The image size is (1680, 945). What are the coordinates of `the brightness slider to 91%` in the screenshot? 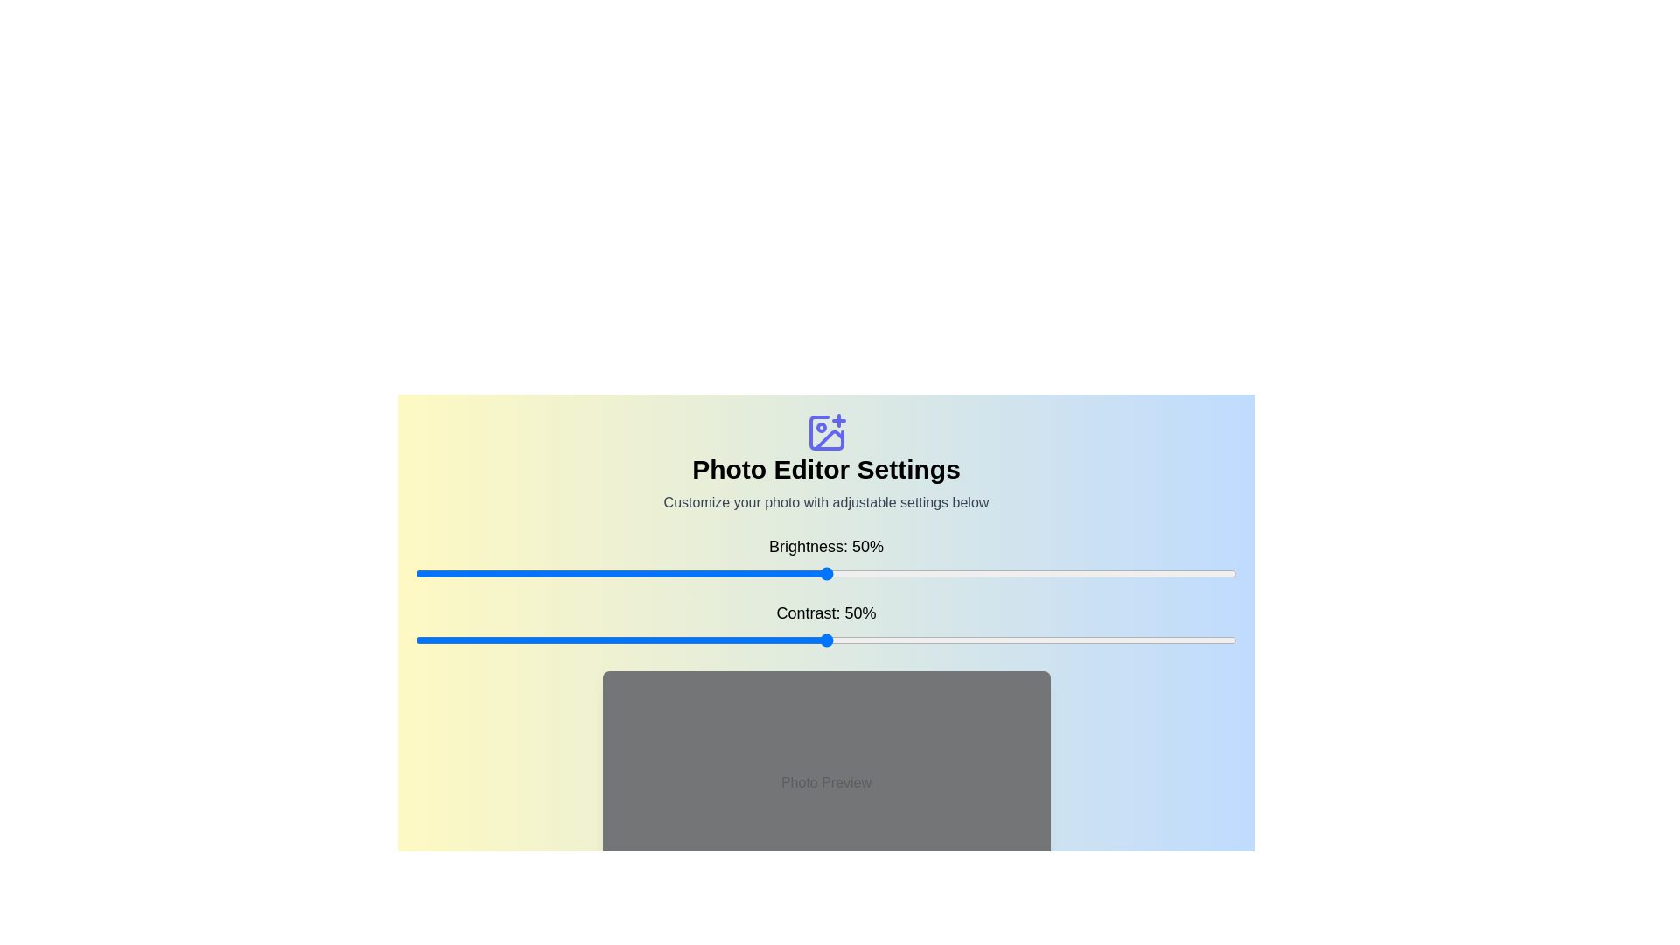 It's located at (1163, 573).